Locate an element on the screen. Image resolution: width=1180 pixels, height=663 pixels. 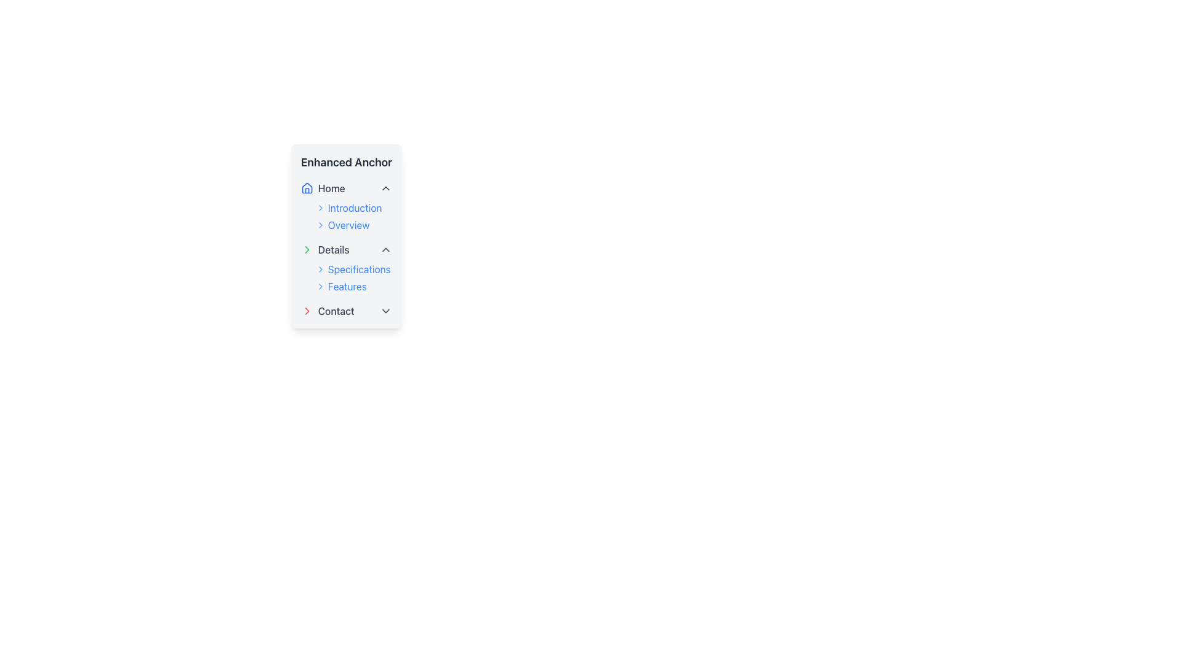
the 'Overview' text link located in the 'Home' section of the sidebar navigation is located at coordinates (348, 225).